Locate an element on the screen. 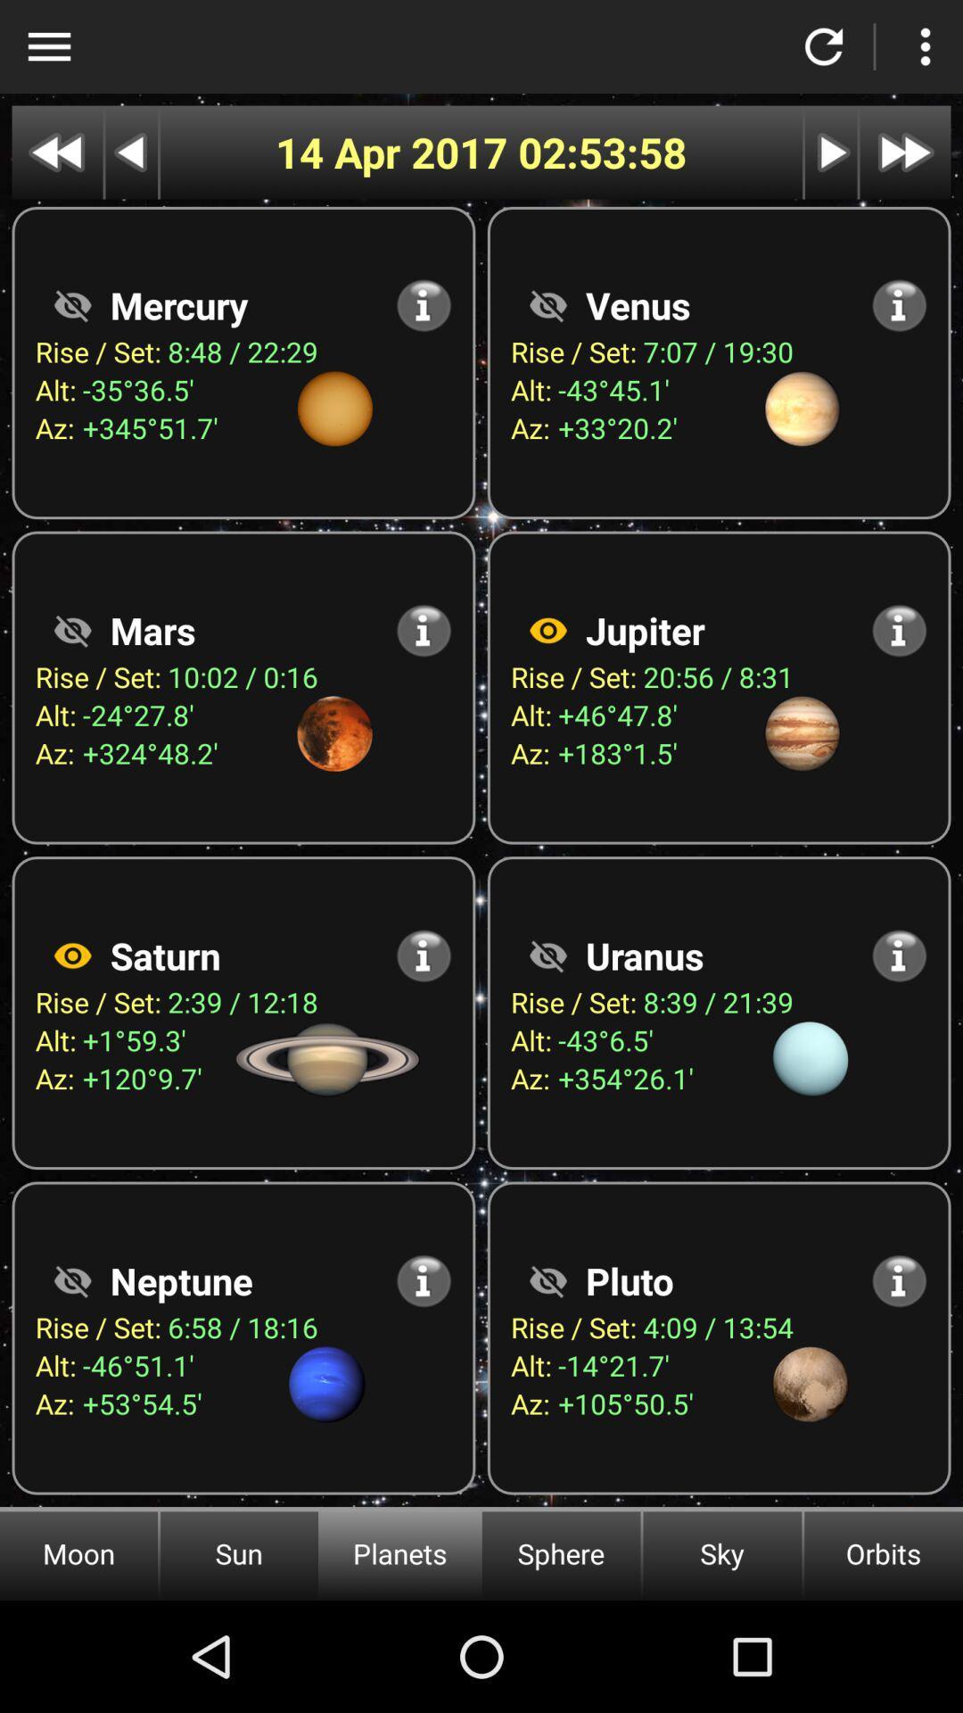 The height and width of the screenshot is (1713, 963). switch to open is located at coordinates (71, 1279).